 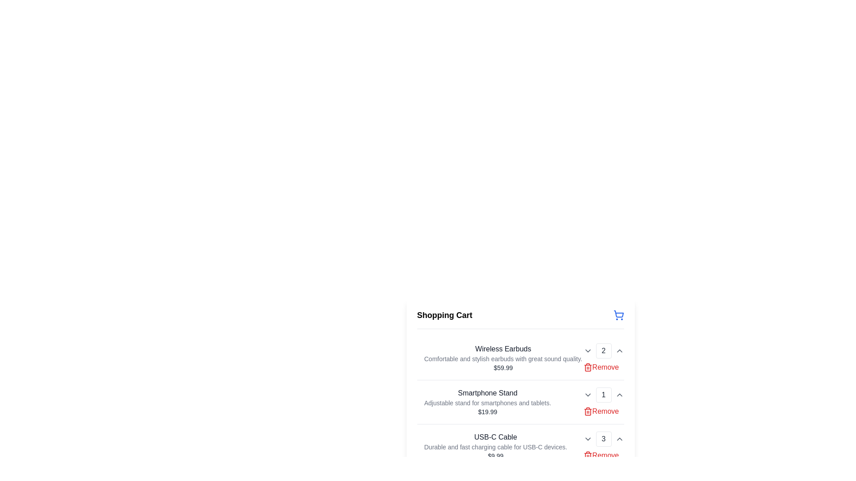 I want to click on the red trash can icon located to the right of the item entry in the shopping cart, so click(x=588, y=455).